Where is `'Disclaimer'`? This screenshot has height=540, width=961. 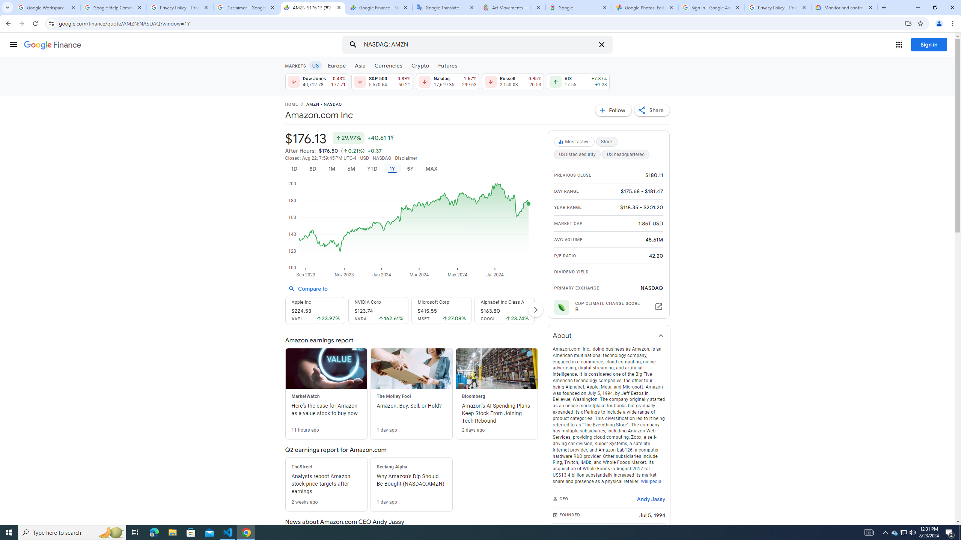 'Disclaimer' is located at coordinates (405, 158).